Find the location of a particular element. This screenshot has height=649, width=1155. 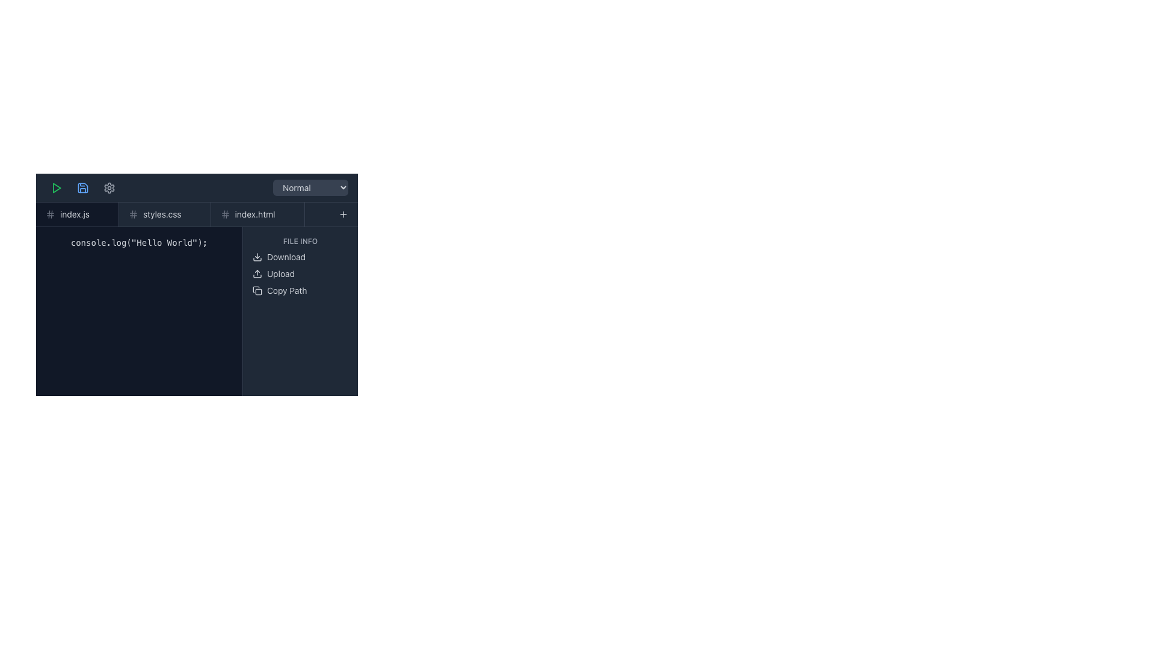

the upload icon located in the vertical list on the right side of the user interface, positioned before the 'Upload' text is located at coordinates (256, 273).